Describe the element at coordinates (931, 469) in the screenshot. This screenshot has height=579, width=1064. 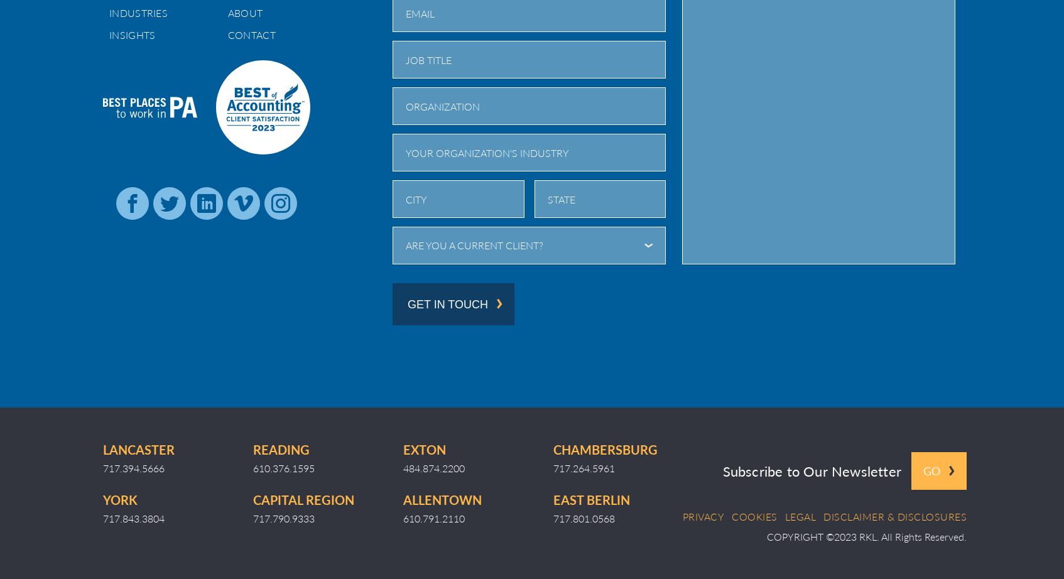
I see `'Go'` at that location.